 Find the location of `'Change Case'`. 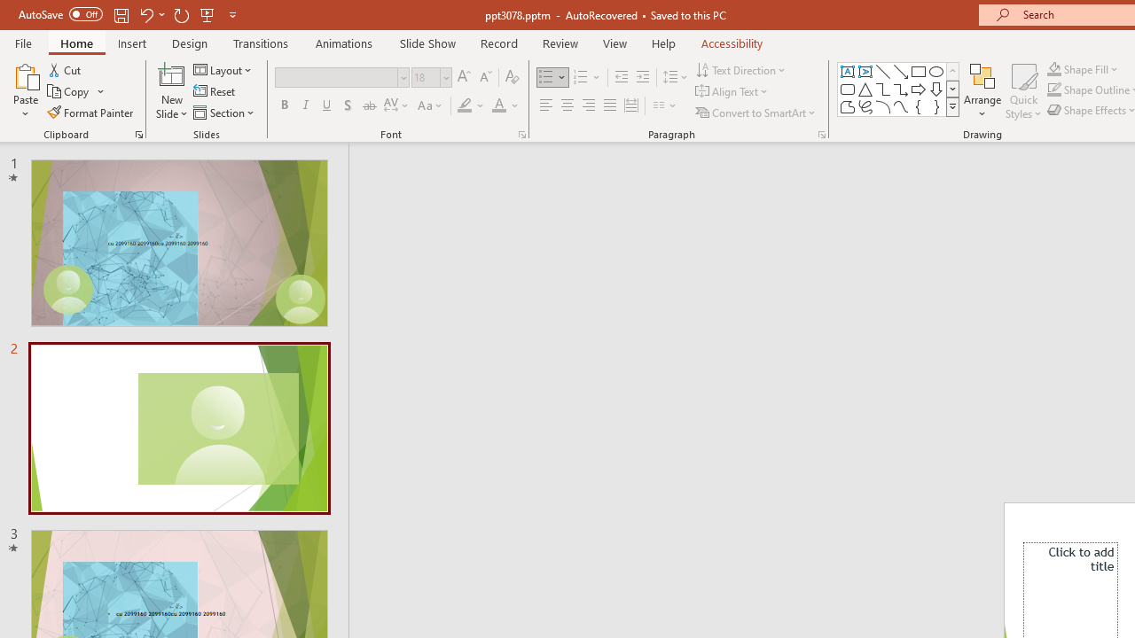

'Change Case' is located at coordinates (431, 105).